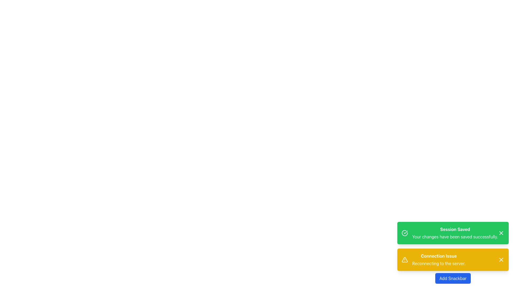 This screenshot has height=288, width=513. Describe the element at coordinates (501, 259) in the screenshot. I see `the diagonal line forming part of an 'X' shape in the top-right corner of the green snackbar` at that location.